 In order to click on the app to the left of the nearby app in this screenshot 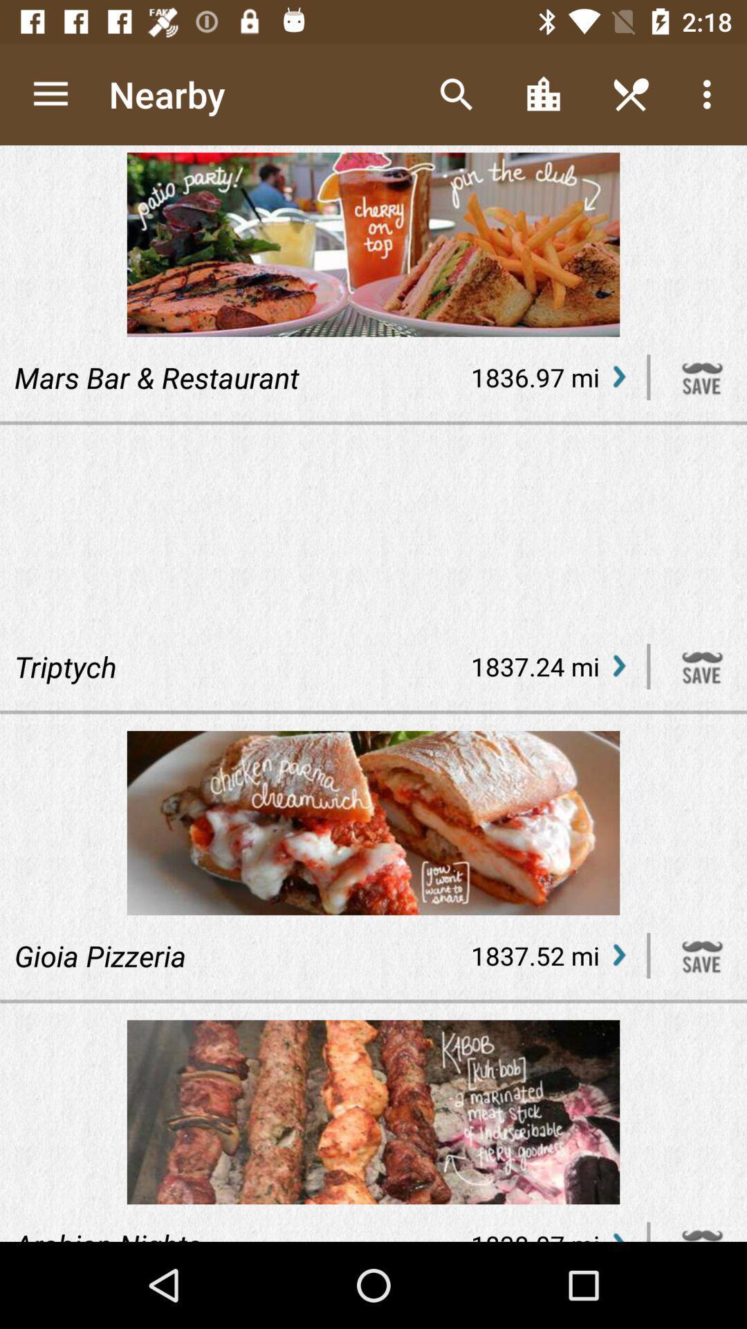, I will do `click(50, 93)`.